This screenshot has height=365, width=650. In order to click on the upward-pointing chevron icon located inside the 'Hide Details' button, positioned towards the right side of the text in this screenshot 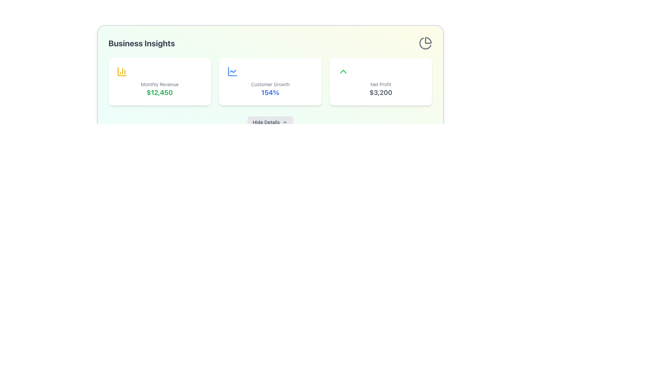, I will do `click(285, 122)`.